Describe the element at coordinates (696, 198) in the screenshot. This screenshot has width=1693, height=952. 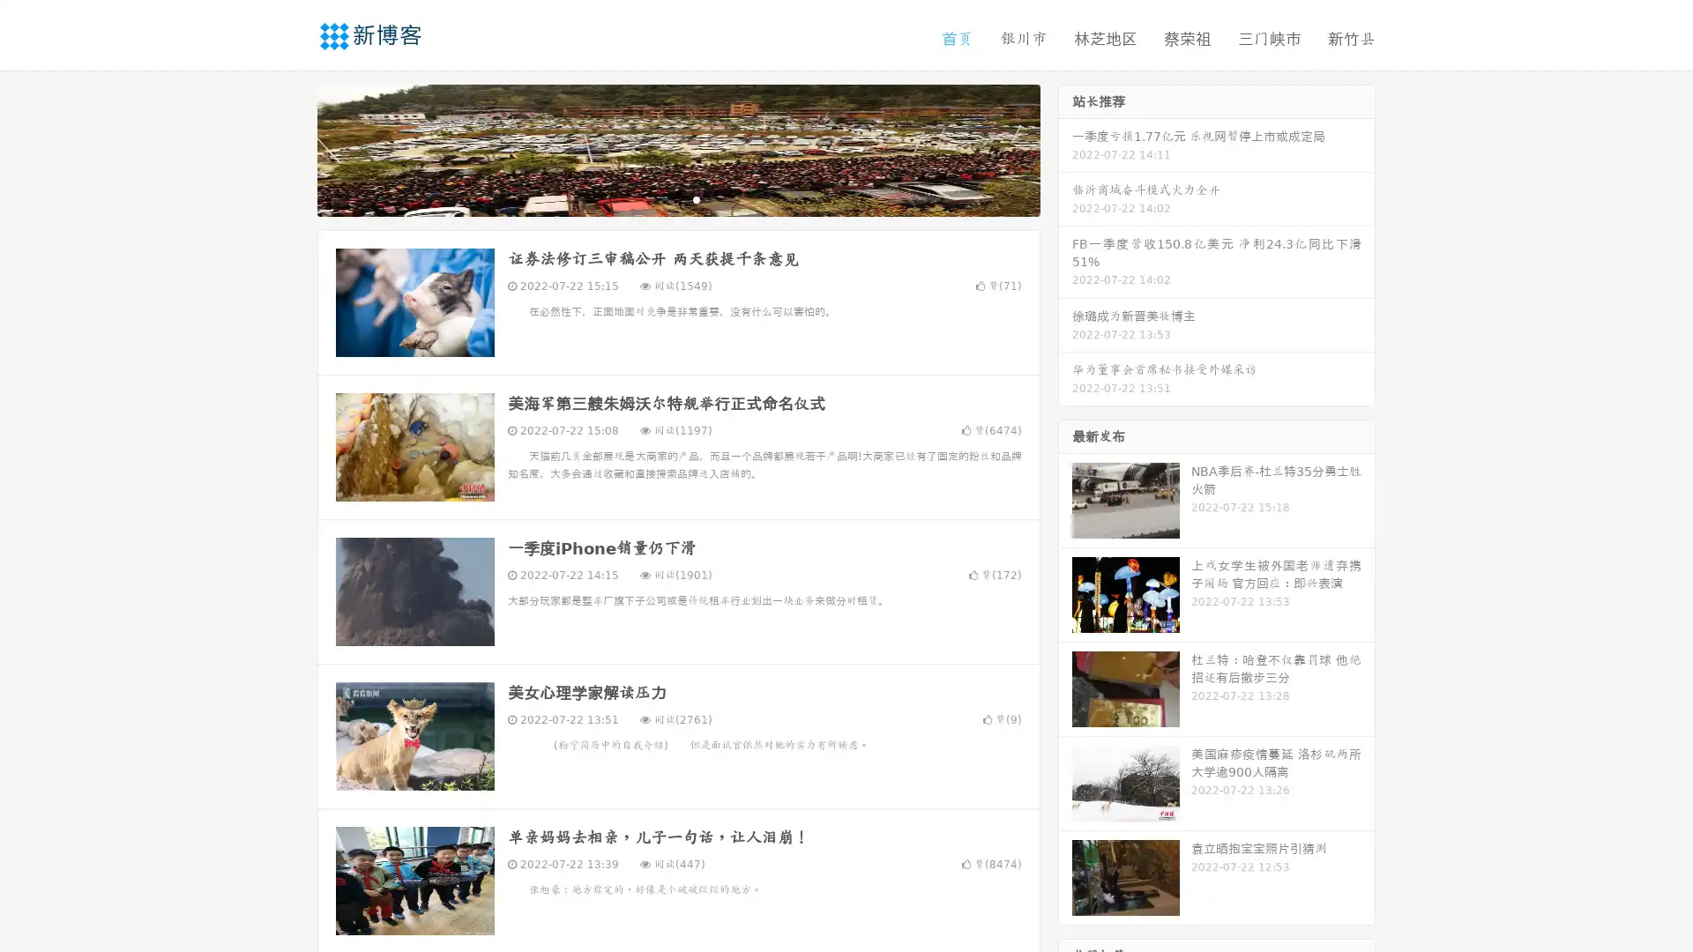
I see `Go to slide 3` at that location.